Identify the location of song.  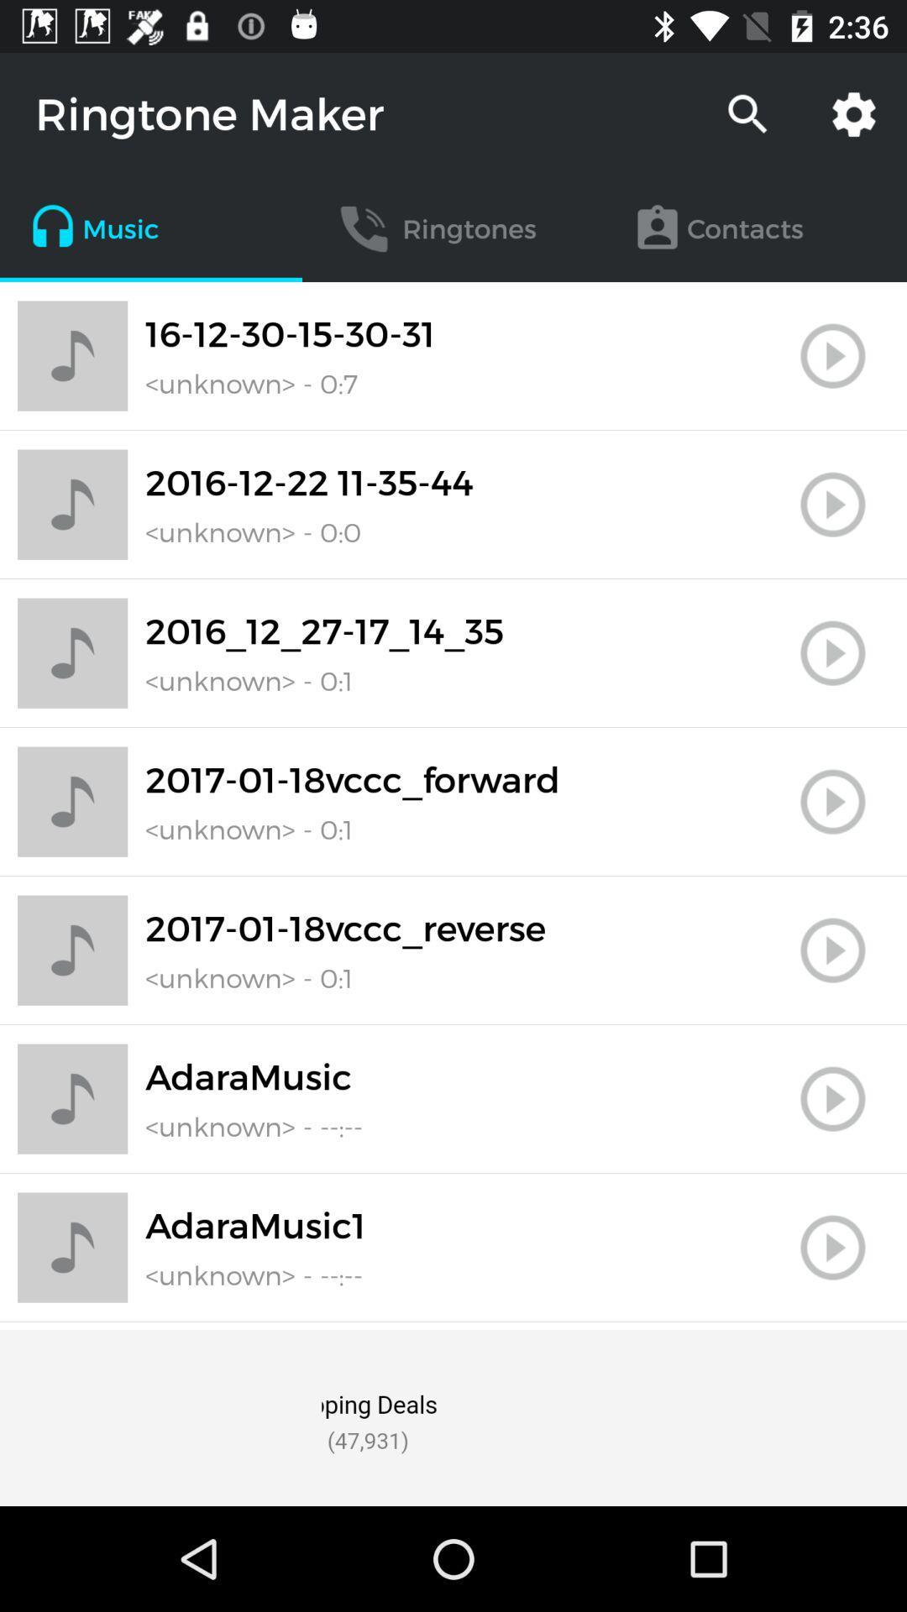
(832, 801).